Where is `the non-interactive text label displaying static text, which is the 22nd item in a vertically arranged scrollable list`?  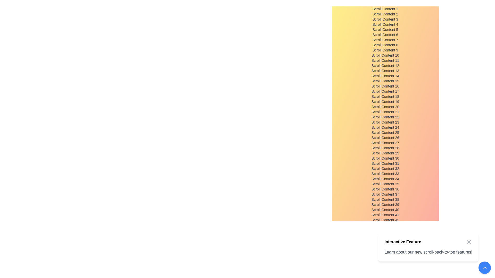 the non-interactive text label displaying static text, which is the 22nd item in a vertically arranged scrollable list is located at coordinates (385, 117).